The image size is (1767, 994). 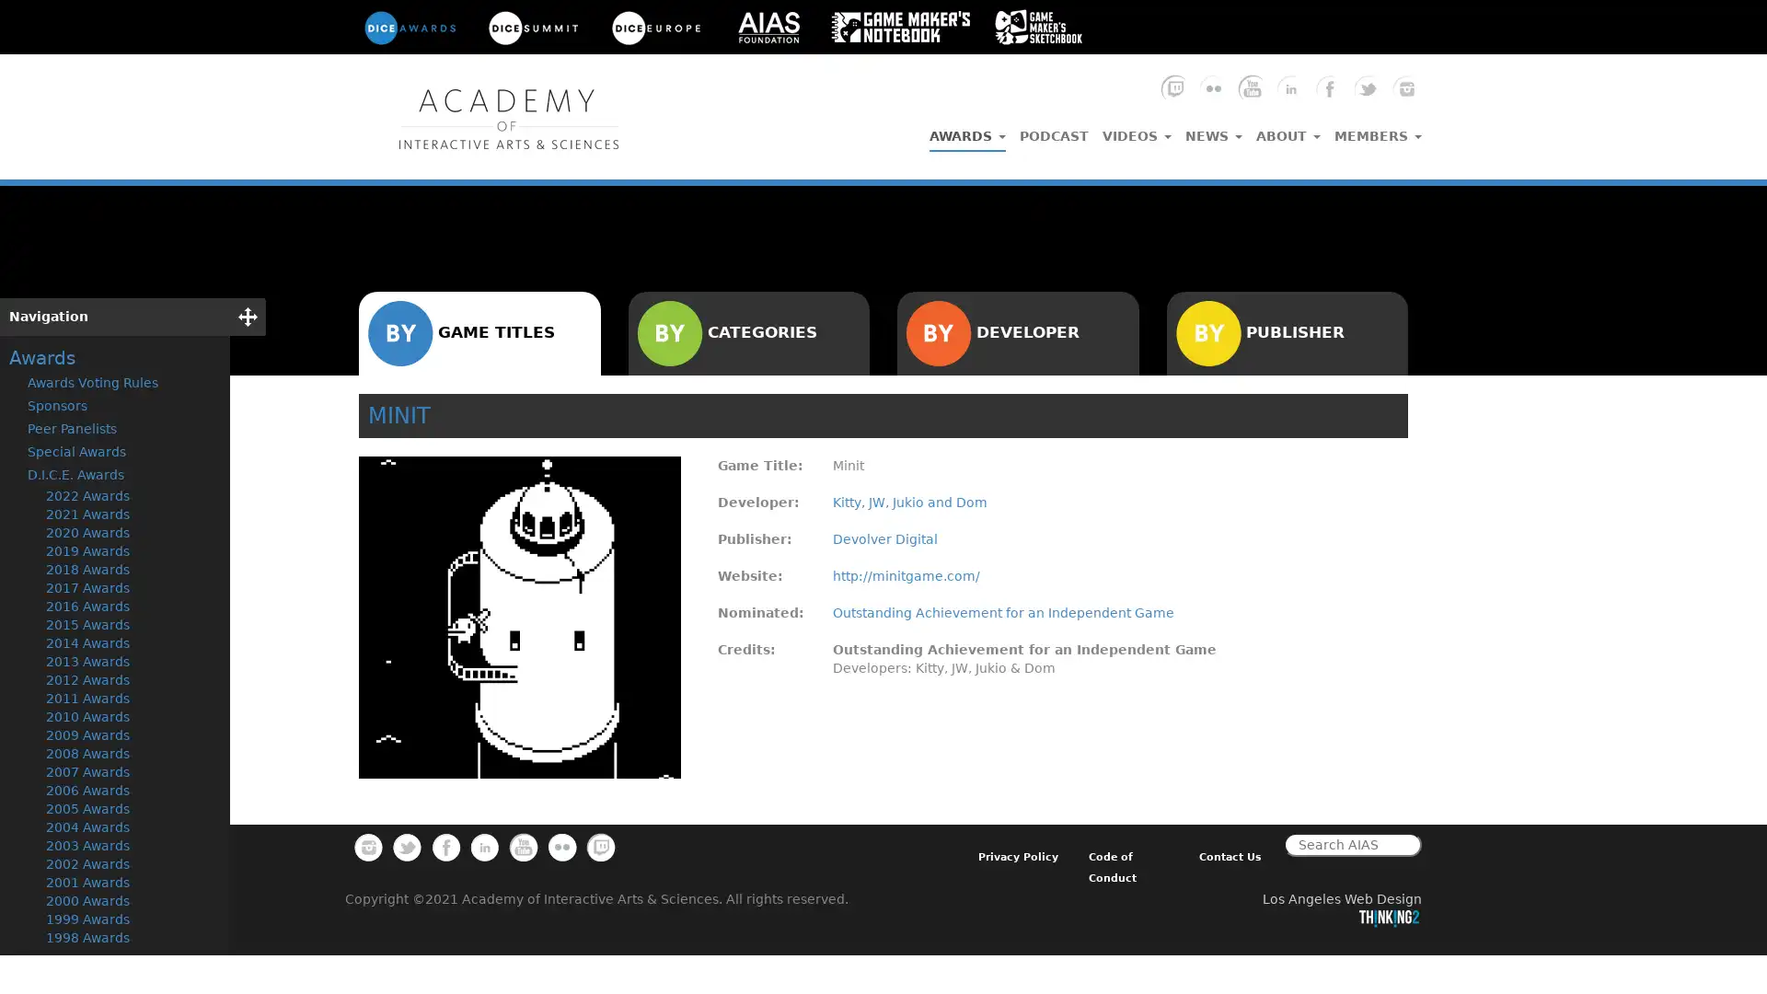 What do you see at coordinates (966, 131) in the screenshot?
I see `AWARDS` at bounding box center [966, 131].